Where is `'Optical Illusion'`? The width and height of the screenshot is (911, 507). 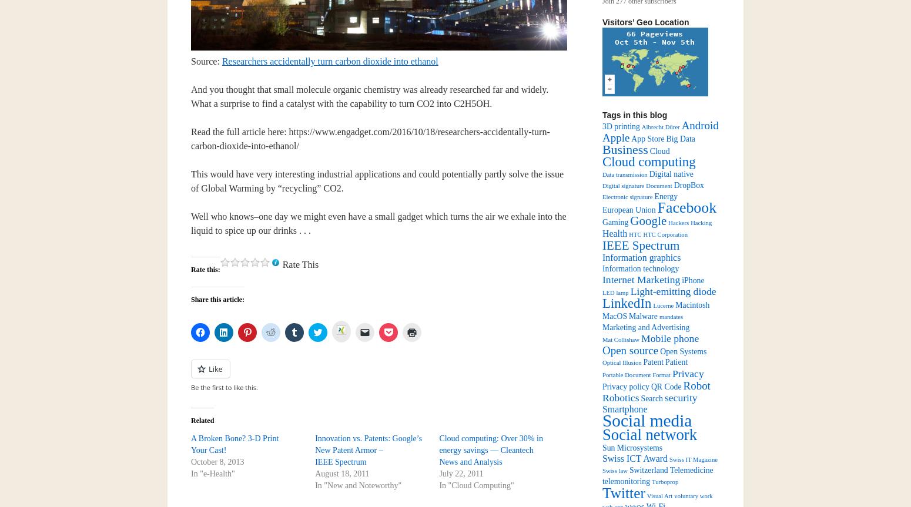
'Optical Illusion' is located at coordinates (602, 362).